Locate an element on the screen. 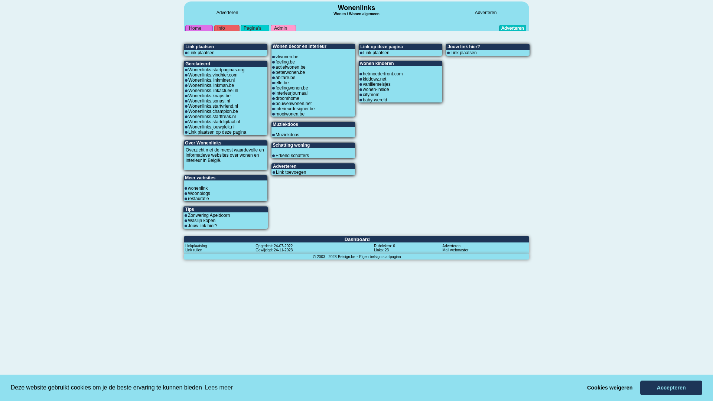 This screenshot has width=713, height=401. 'Wonenlinks.startpaginas.org' is located at coordinates (216, 70).